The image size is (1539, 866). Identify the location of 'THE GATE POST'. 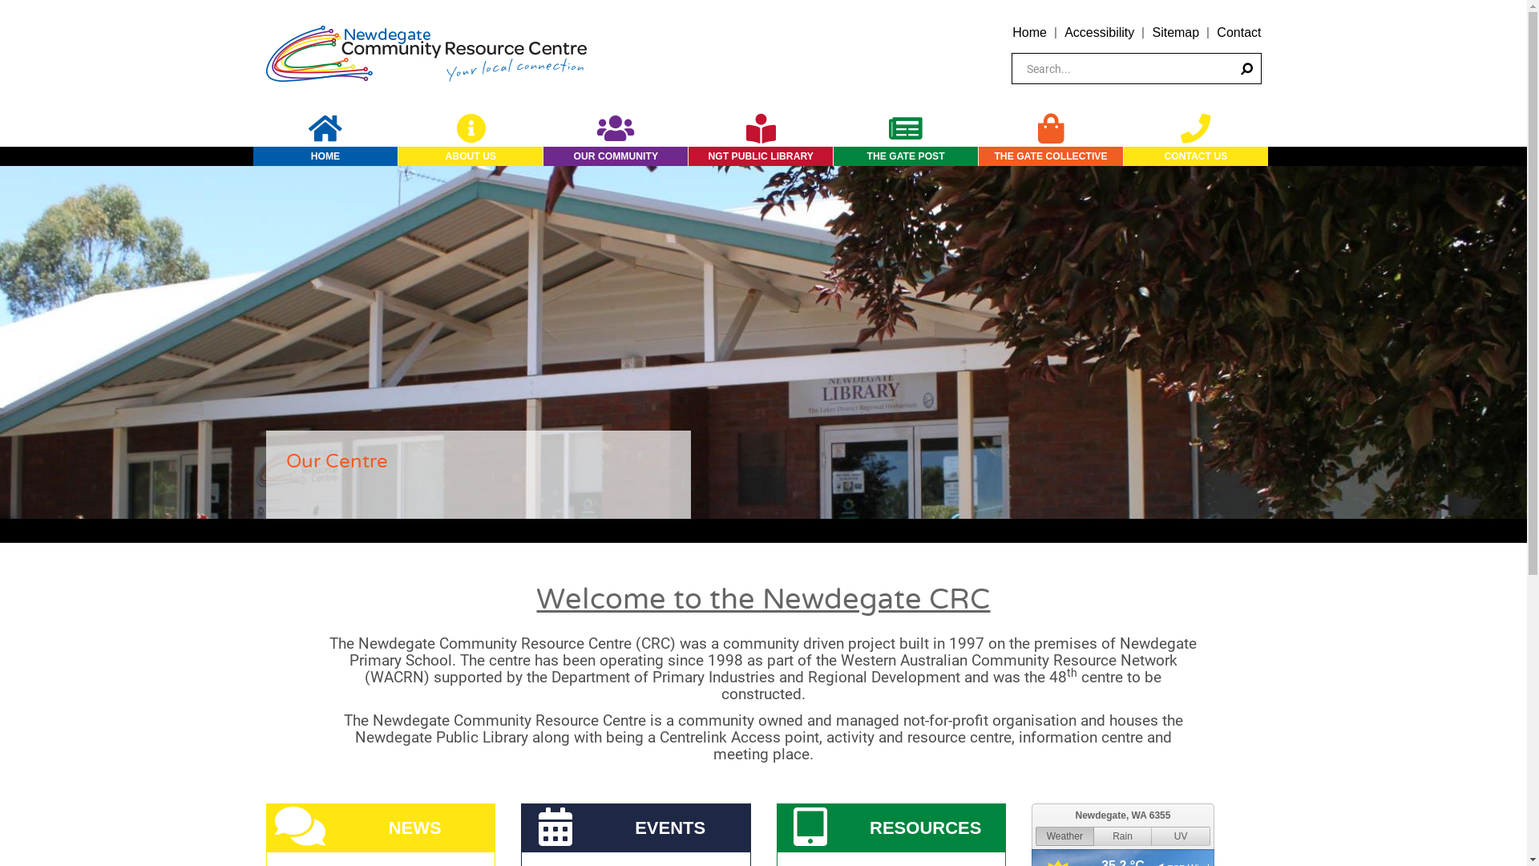
(905, 156).